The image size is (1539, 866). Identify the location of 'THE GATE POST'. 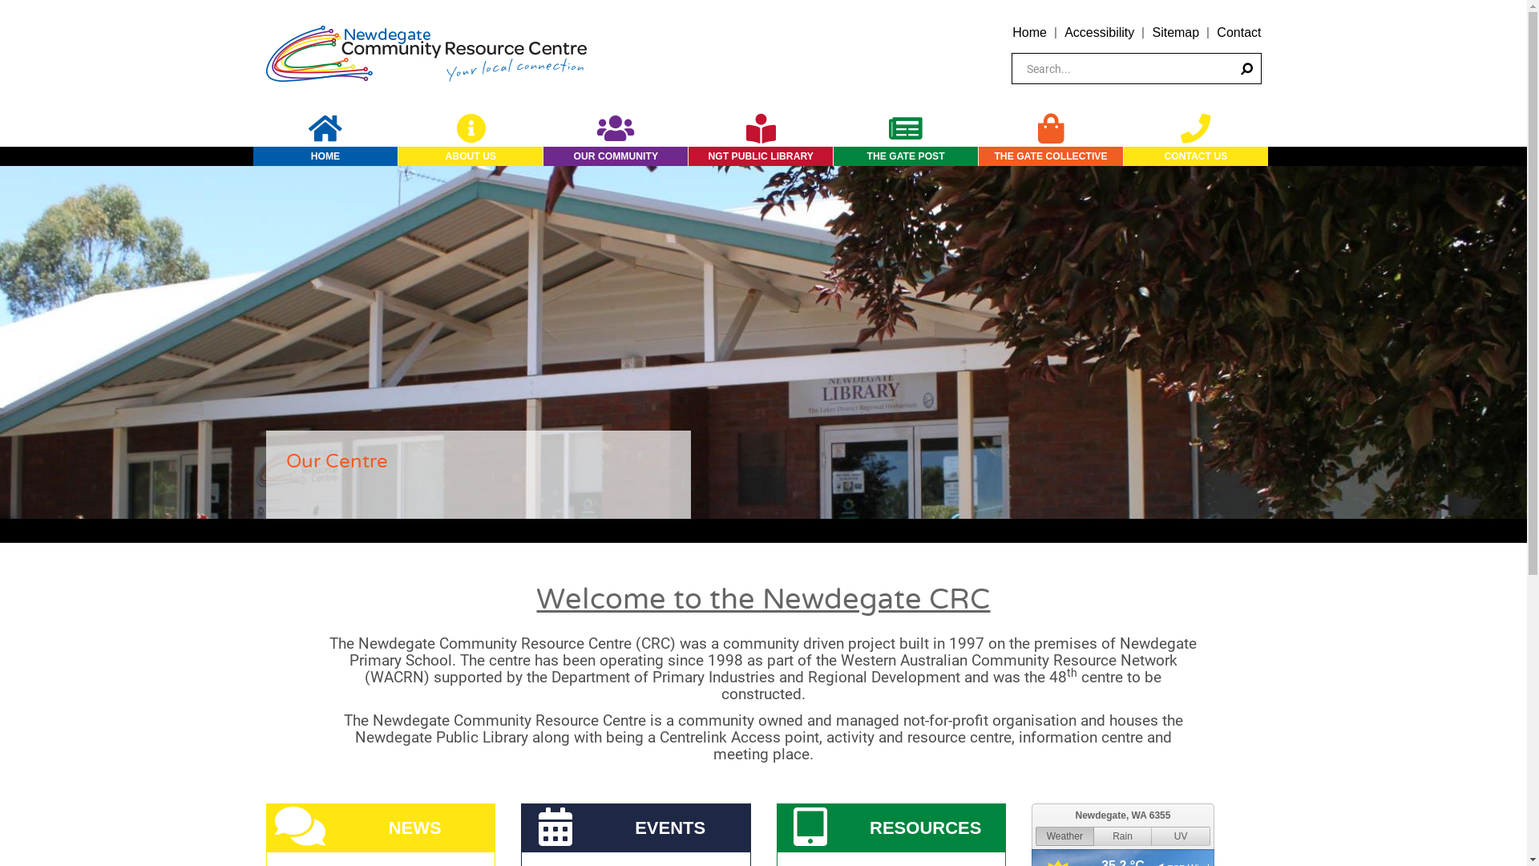
(905, 156).